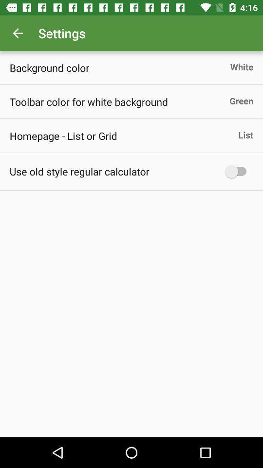 The image size is (263, 468). Describe the element at coordinates (18, 33) in the screenshot. I see `icon next to the settings icon` at that location.